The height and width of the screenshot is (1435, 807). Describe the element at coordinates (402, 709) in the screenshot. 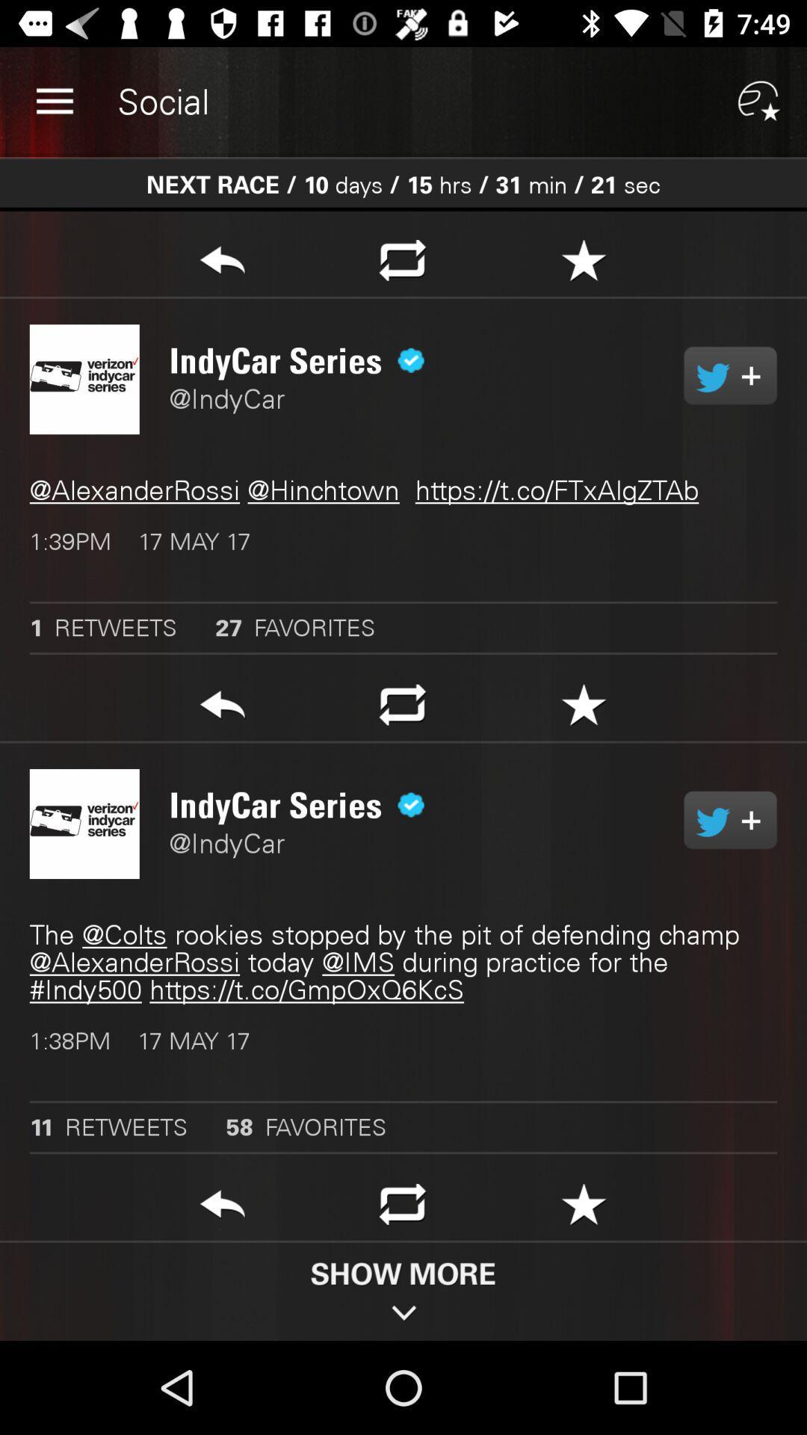

I see `symbol beside second arrow in the page` at that location.